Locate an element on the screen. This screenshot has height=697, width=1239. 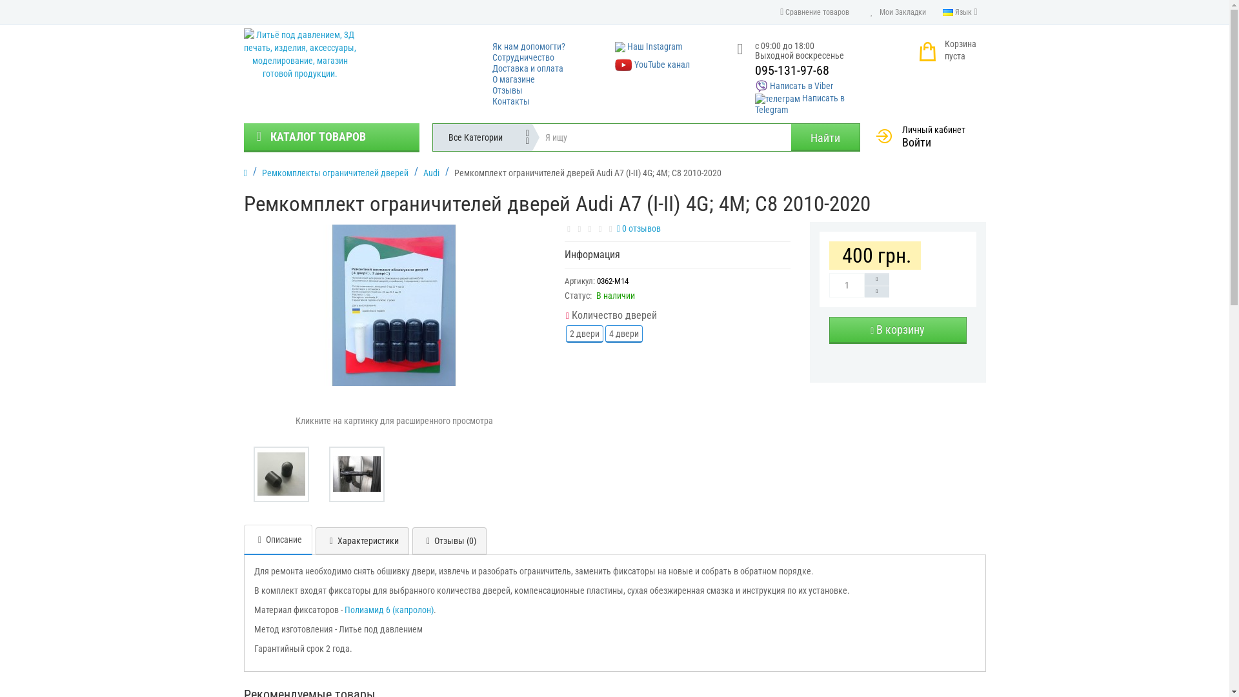
'Audi' is located at coordinates (431, 172).